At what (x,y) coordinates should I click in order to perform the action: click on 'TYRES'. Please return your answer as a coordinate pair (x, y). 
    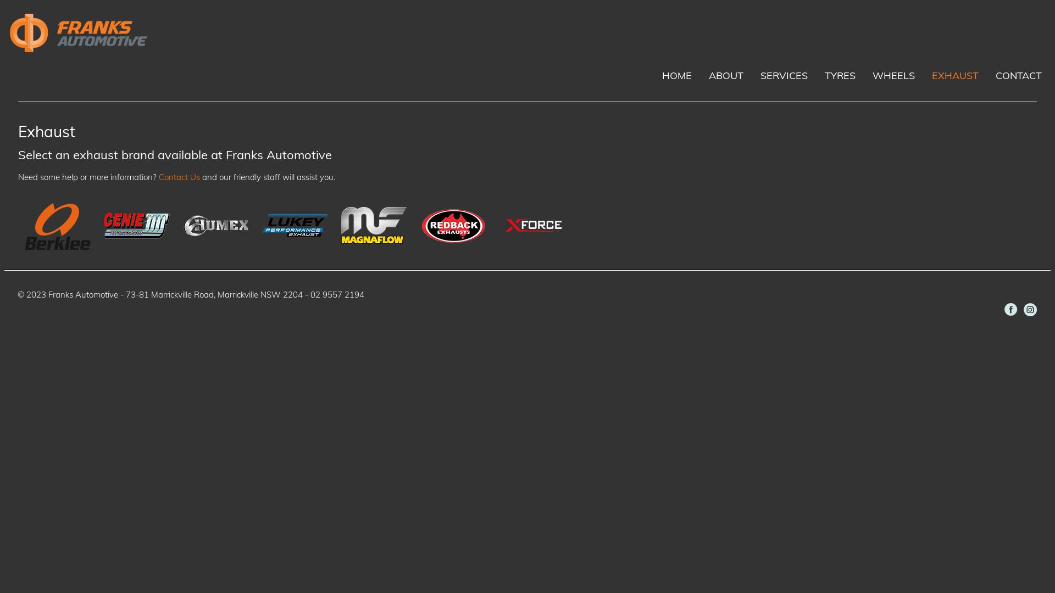
    Looking at the image, I should click on (840, 75).